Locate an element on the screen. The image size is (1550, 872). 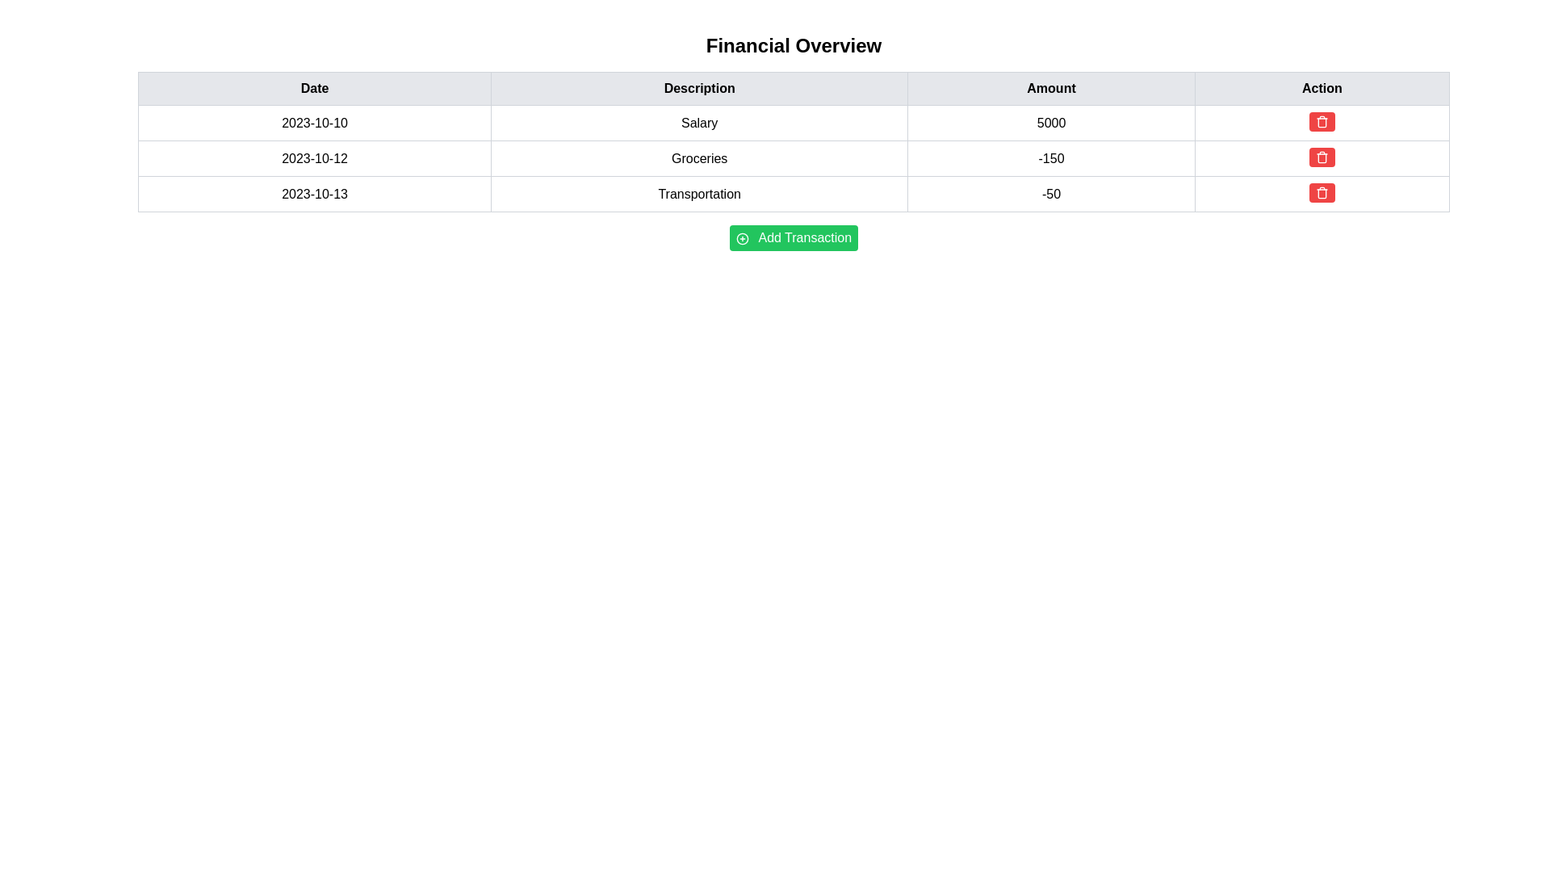
the decorative icon within the 'Add Transaction' button, located on the left side of the button adjacent to the 'Add Transaction' text is located at coordinates (741, 238).